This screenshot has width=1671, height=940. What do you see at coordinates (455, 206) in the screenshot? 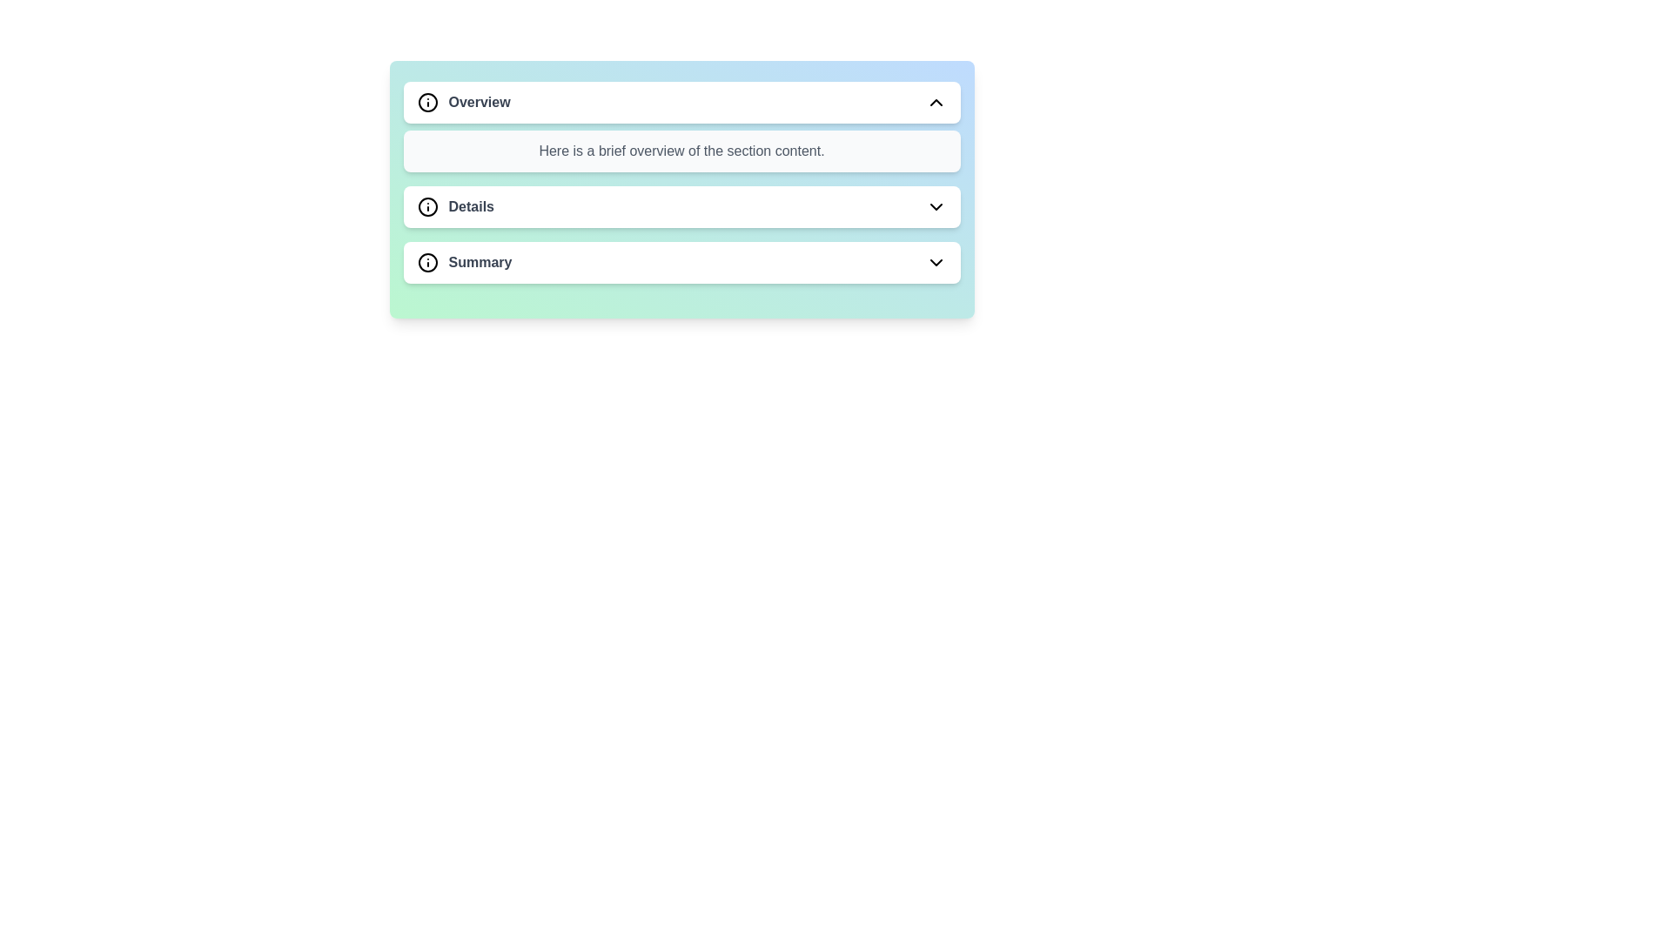
I see `the 'Details' button-like section item, which features a circular 'i' icon and is the second option in a vertical list beneath 'Overview'` at bounding box center [455, 206].